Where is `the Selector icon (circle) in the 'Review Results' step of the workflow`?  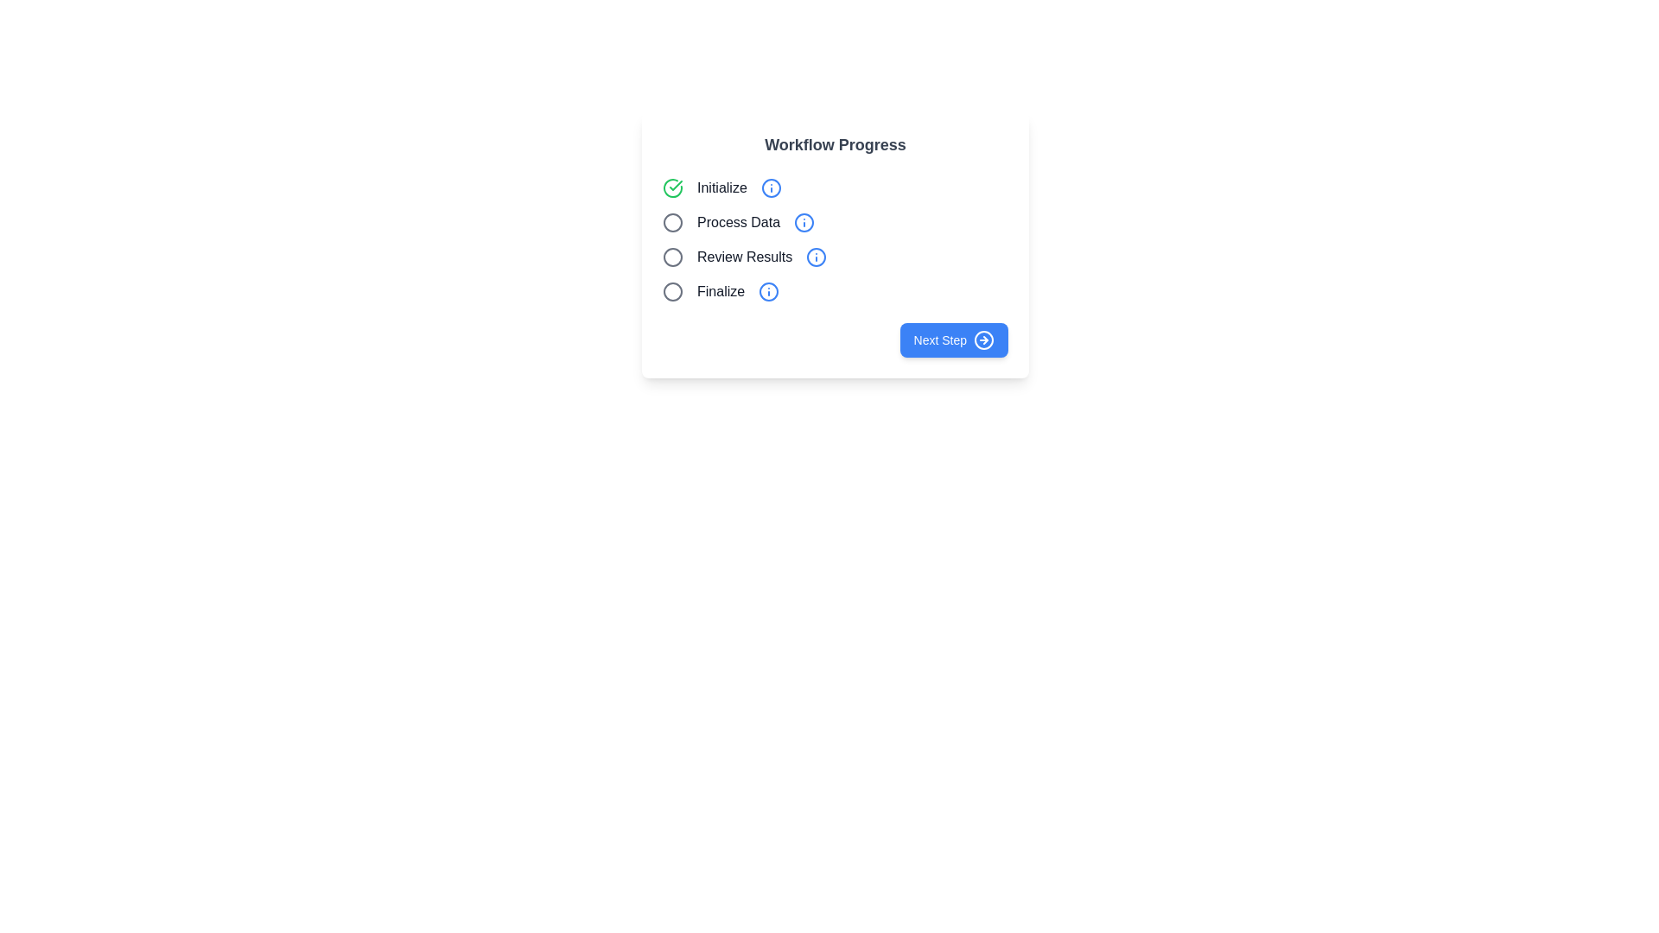
the Selector icon (circle) in the 'Review Results' step of the workflow is located at coordinates (671, 257).